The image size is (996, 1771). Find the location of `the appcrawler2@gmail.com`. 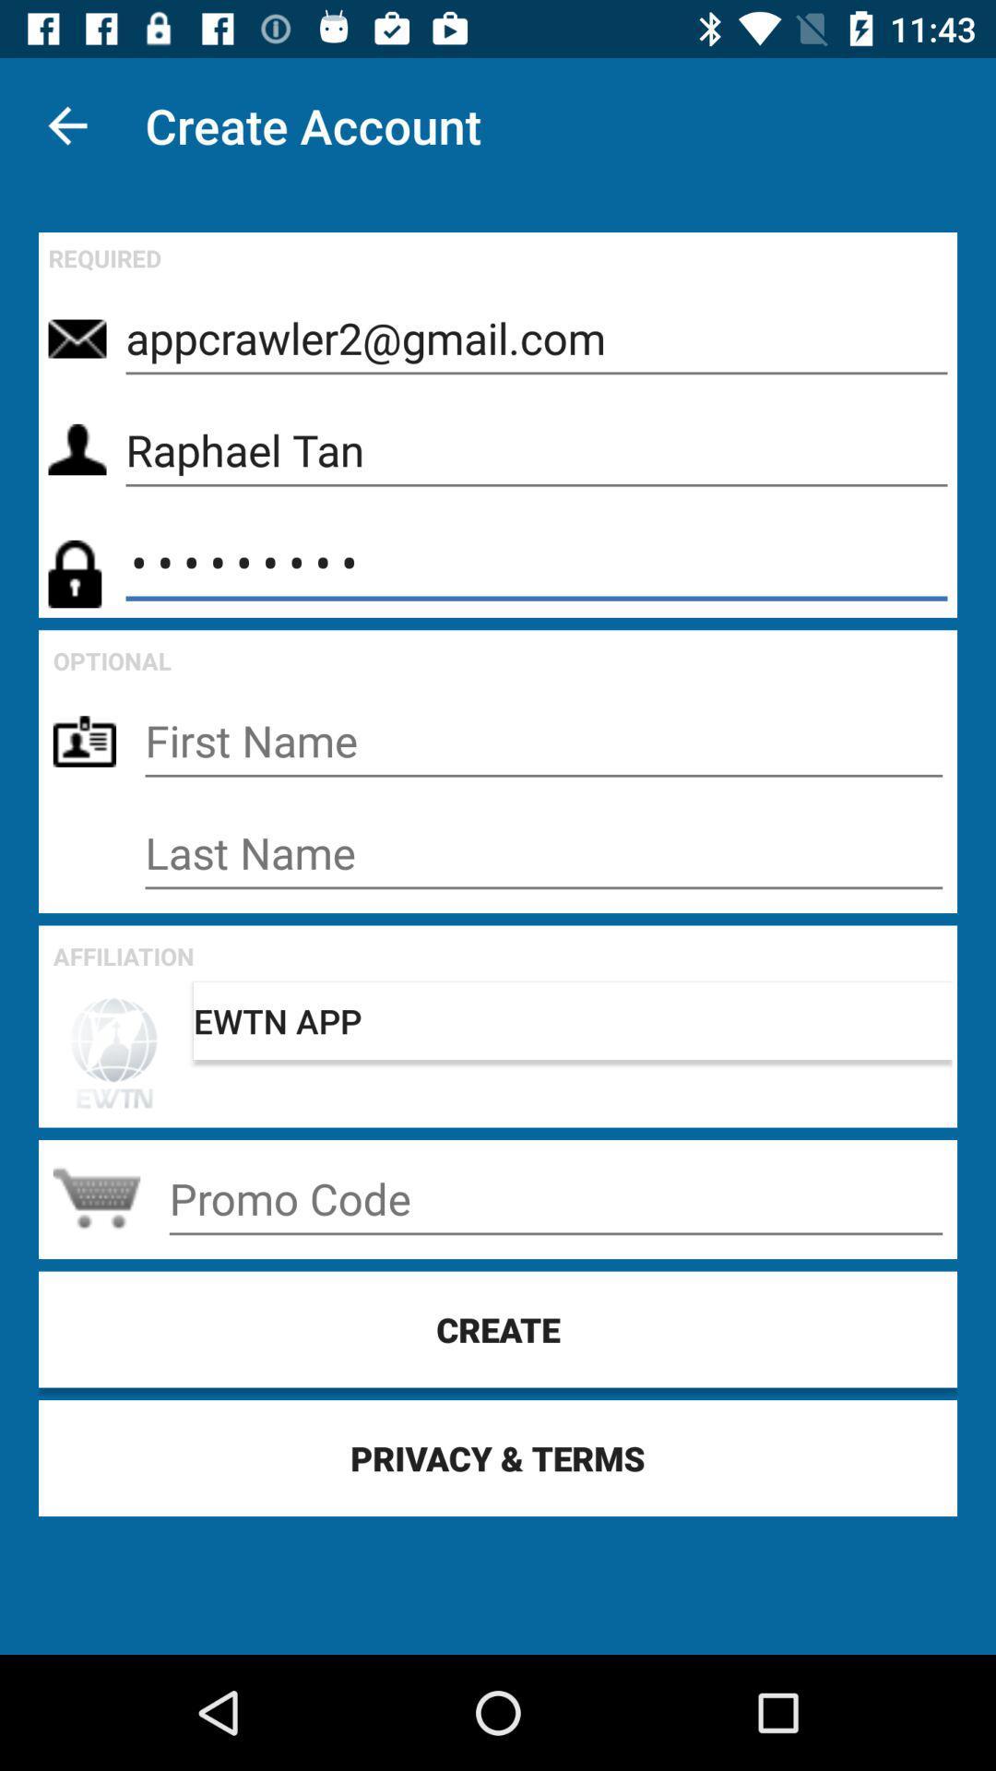

the appcrawler2@gmail.com is located at coordinates (537, 339).